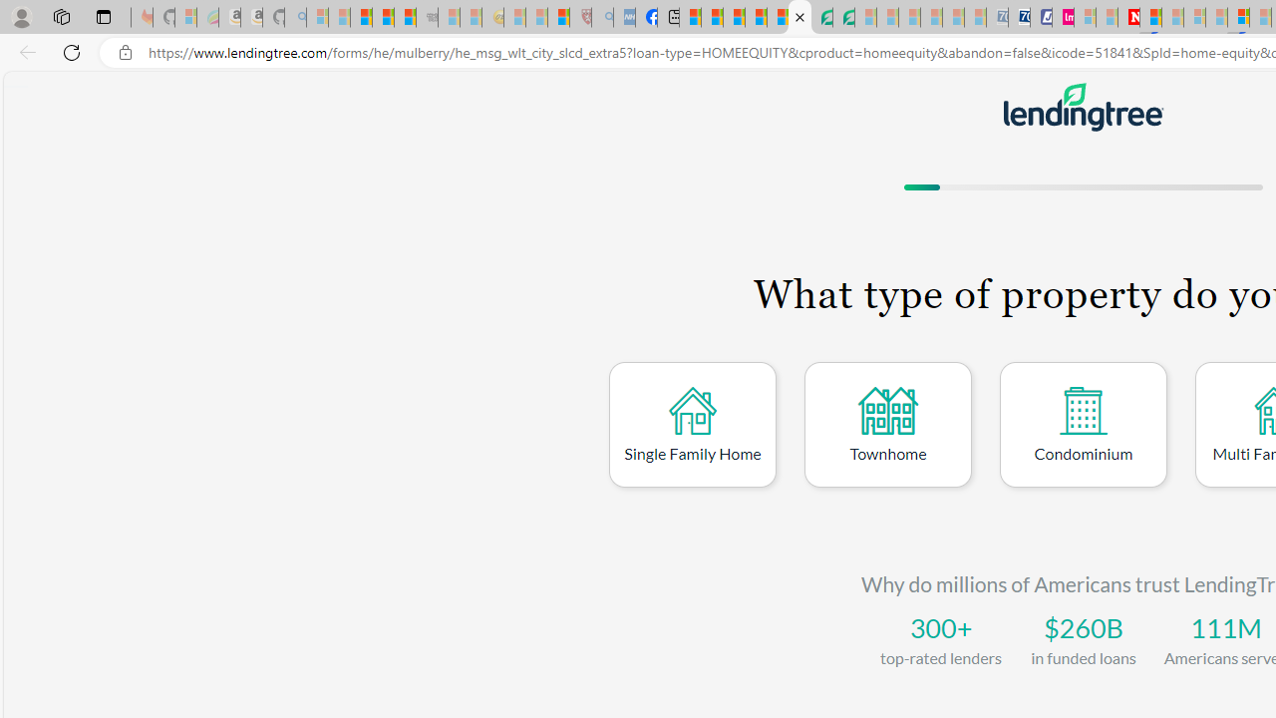  What do you see at coordinates (1019, 17) in the screenshot?
I see `'Cheap Hotels - Save70.com'` at bounding box center [1019, 17].